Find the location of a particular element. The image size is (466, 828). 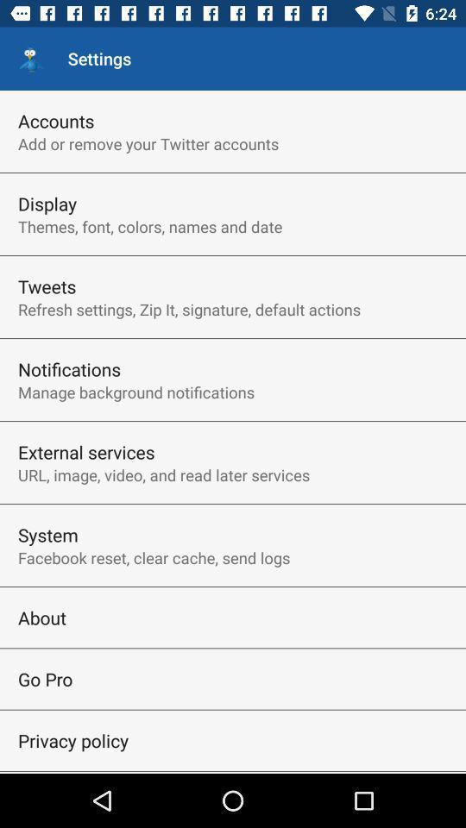

manage background notifications is located at coordinates (135, 392).